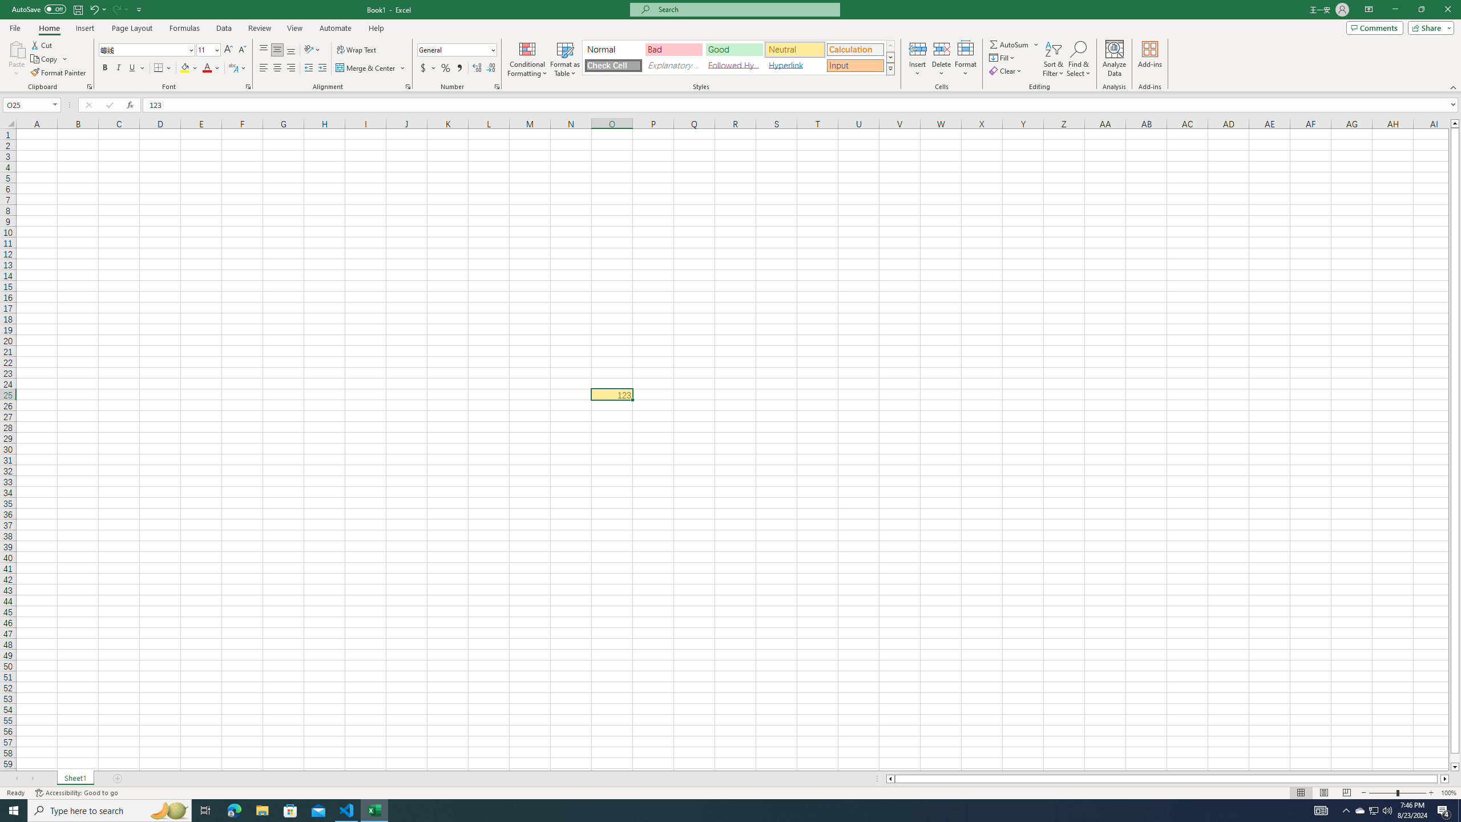  Describe the element at coordinates (132, 67) in the screenshot. I see `'Underline'` at that location.